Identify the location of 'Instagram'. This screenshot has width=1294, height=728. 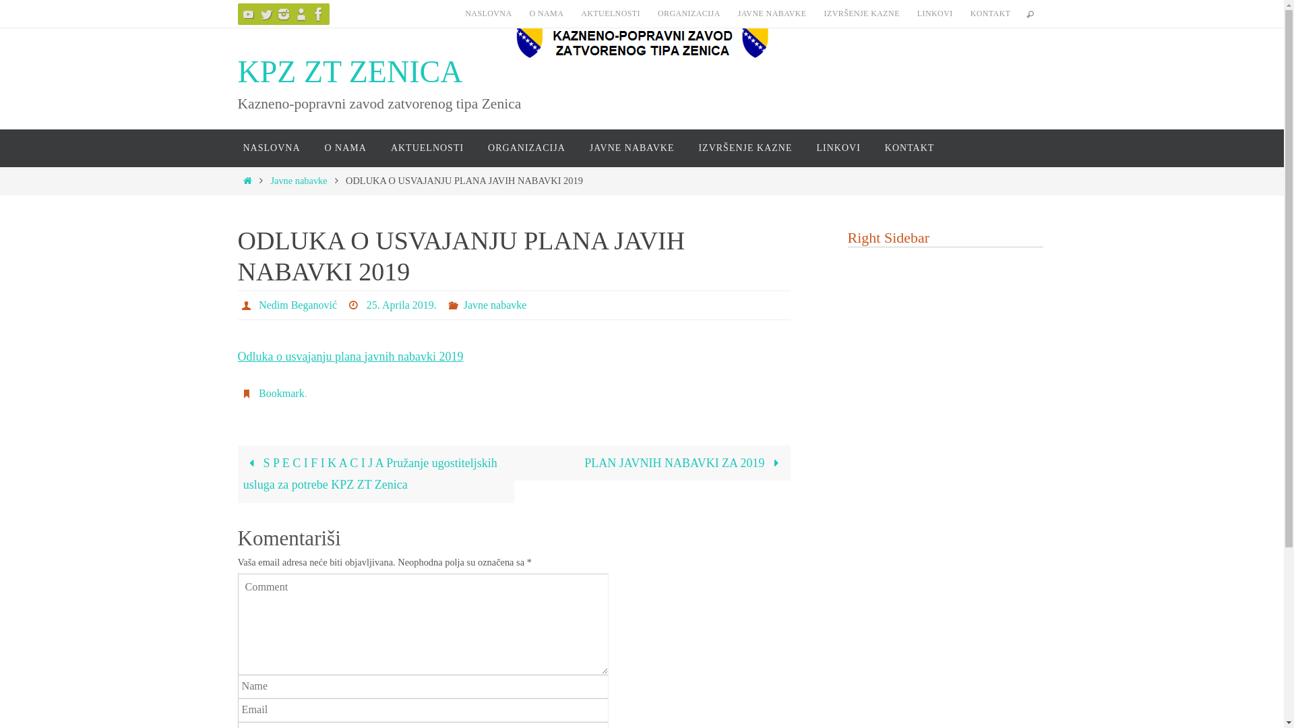
(282, 13).